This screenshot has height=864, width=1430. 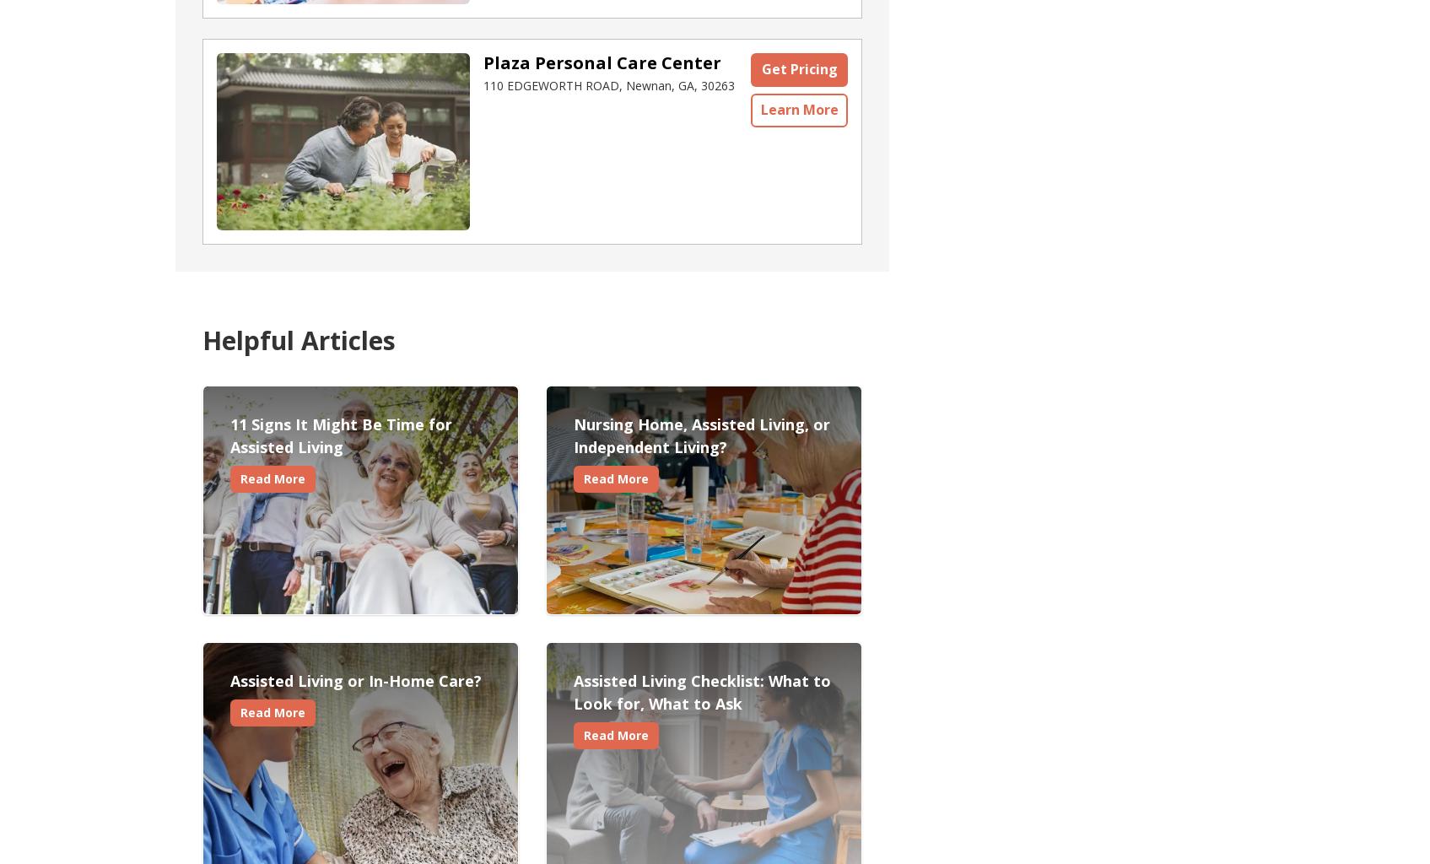 I want to click on '110 EDGEWORTH ROAD, Newnan, GA, 30263', so click(x=608, y=85).